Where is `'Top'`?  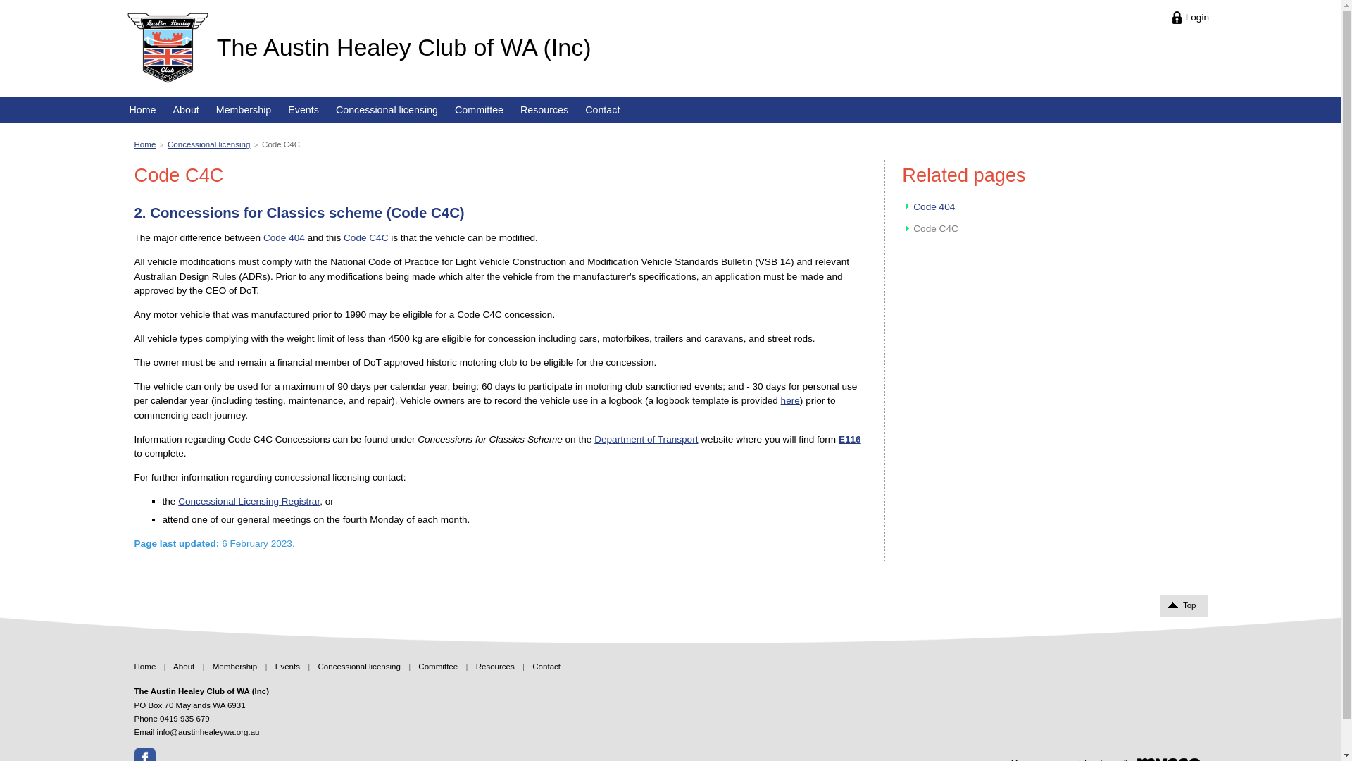 'Top' is located at coordinates (1183, 605).